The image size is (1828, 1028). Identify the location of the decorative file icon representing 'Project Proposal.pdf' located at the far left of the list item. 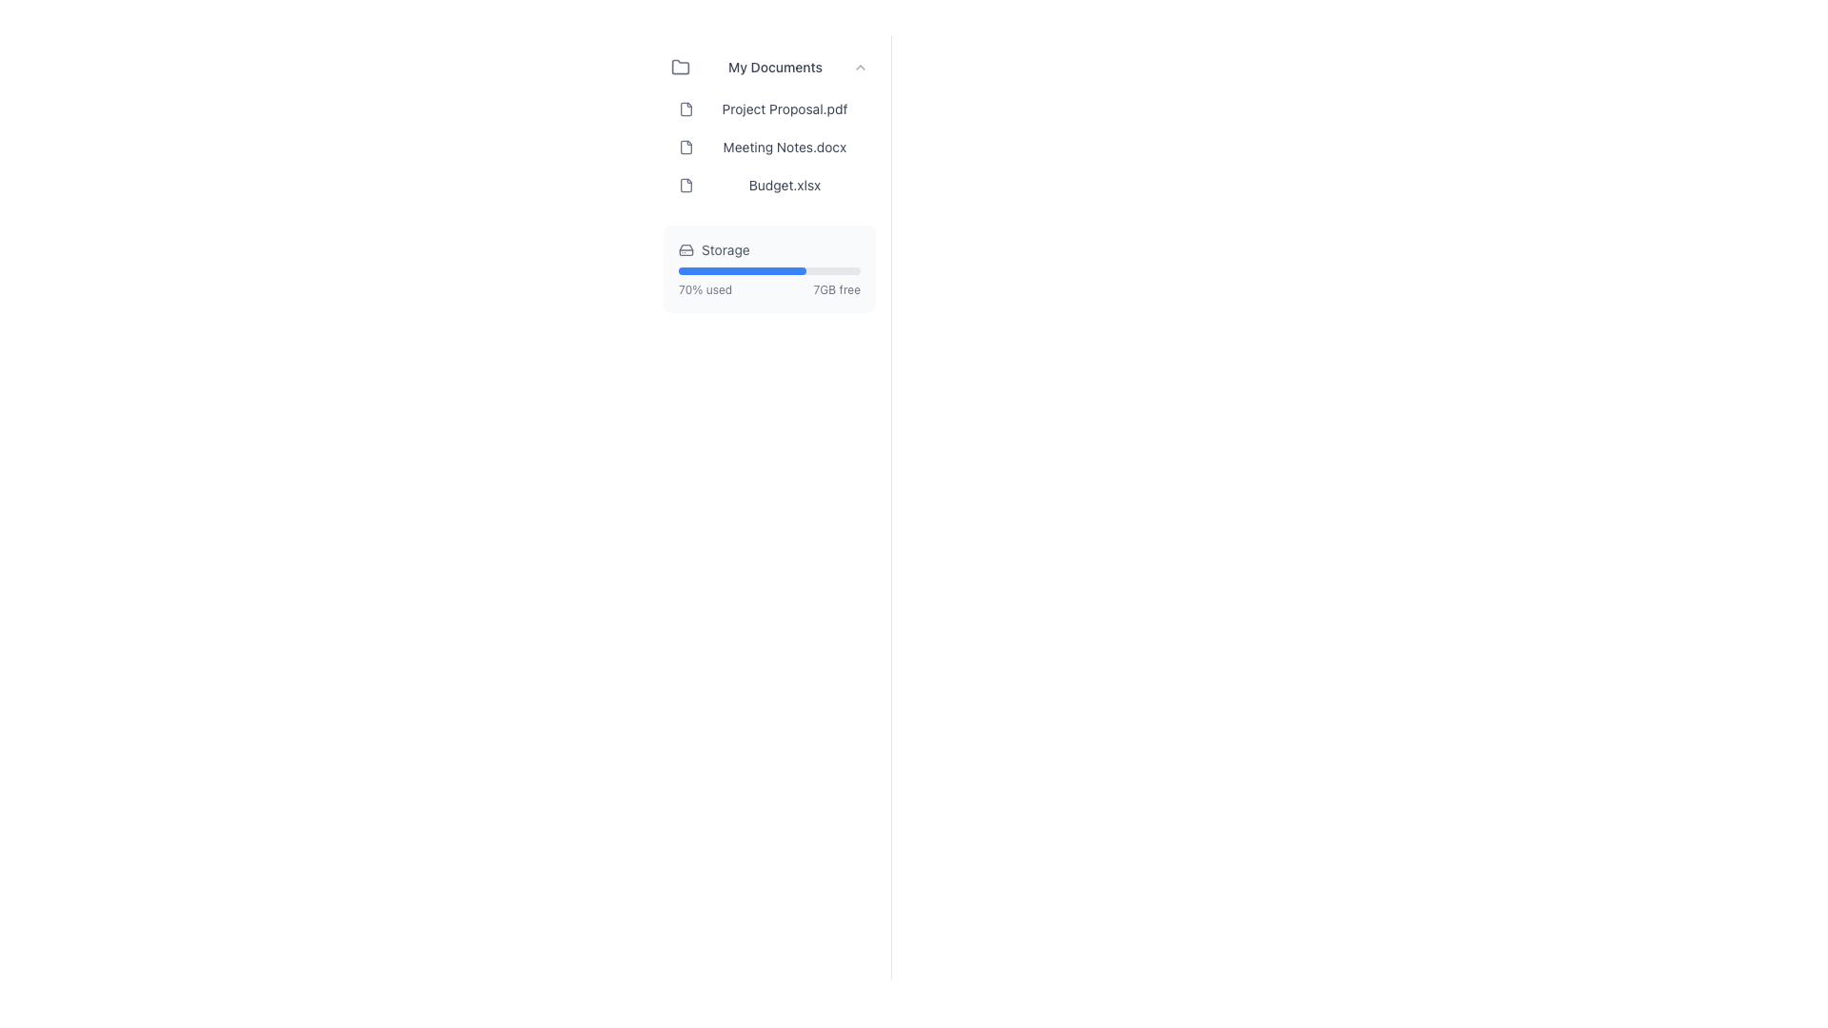
(685, 109).